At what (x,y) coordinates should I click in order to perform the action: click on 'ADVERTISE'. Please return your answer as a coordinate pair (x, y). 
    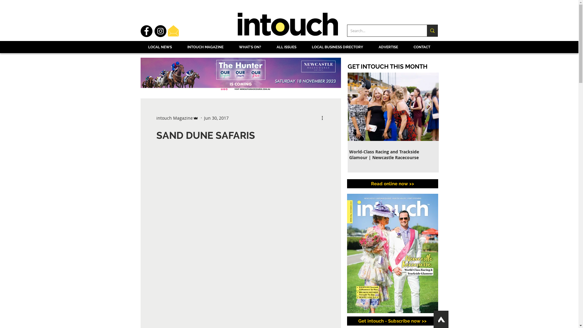
    Looking at the image, I should click on (388, 49).